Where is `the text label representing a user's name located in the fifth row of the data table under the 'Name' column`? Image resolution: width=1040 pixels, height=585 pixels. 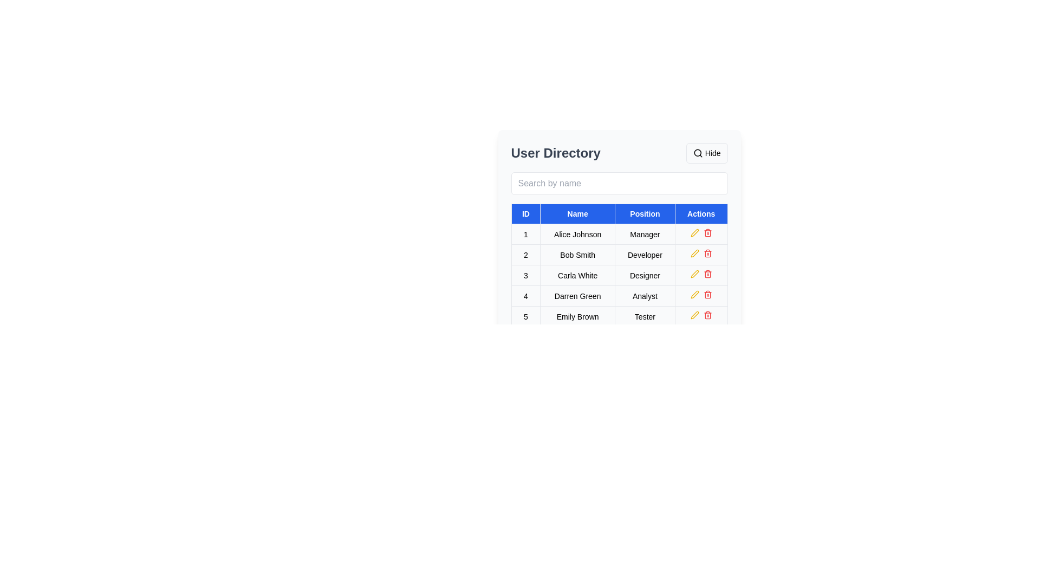
the text label representing a user's name located in the fifth row of the data table under the 'Name' column is located at coordinates (577, 316).